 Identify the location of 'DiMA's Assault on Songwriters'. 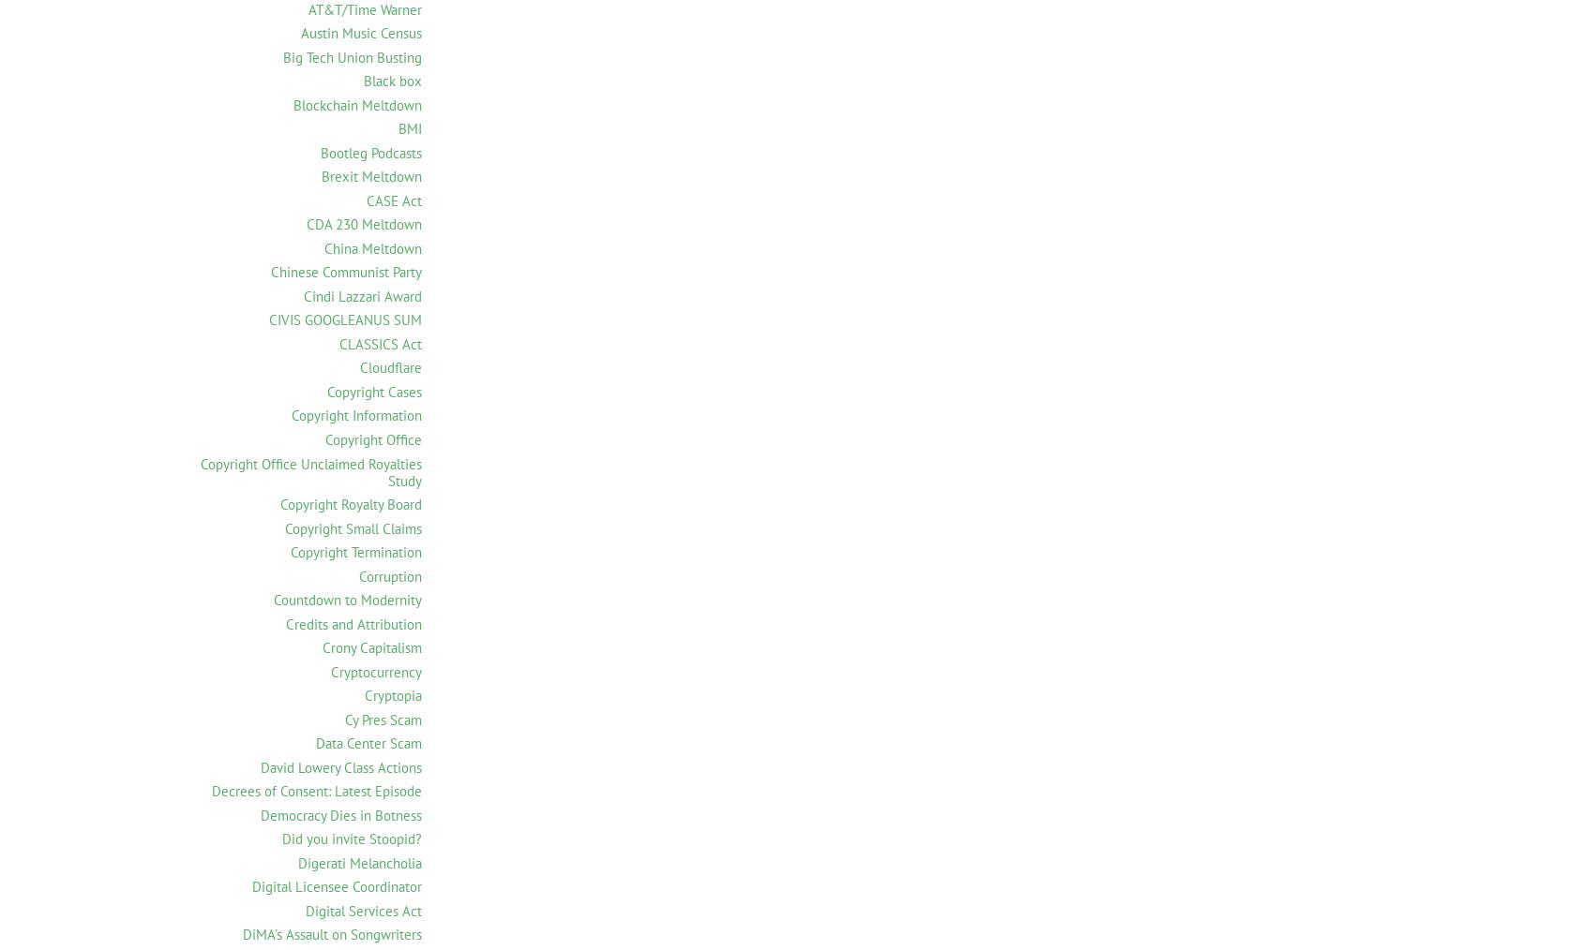
(331, 934).